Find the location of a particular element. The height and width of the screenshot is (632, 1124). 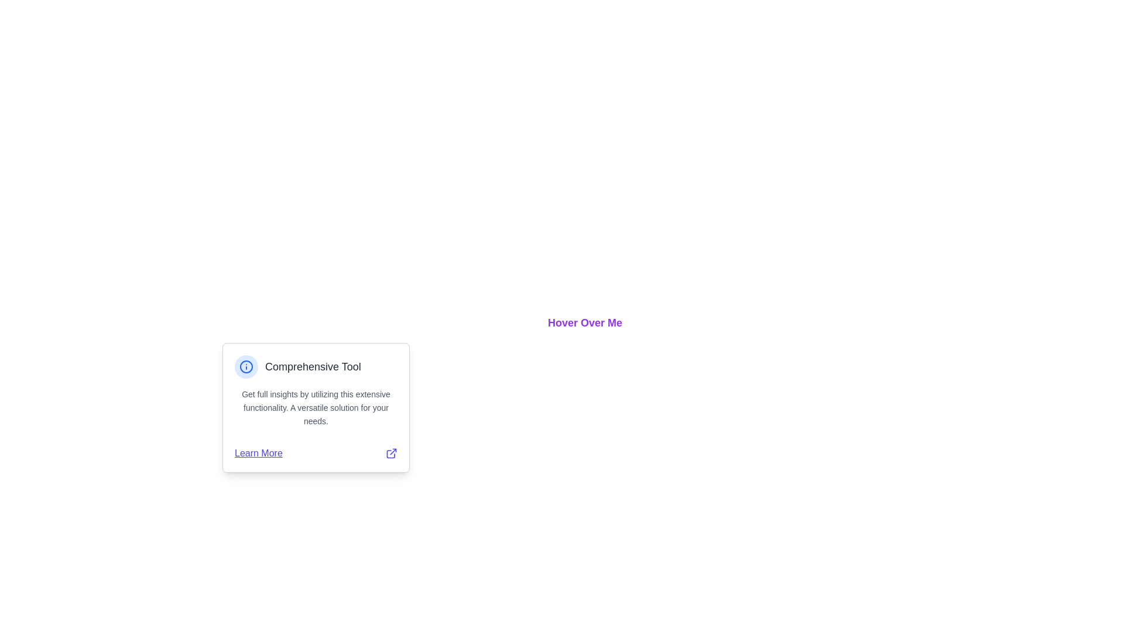

the circular icon with a blue outline featuring an information symbol, located above the title text in the 'Comprehensive Tool' card is located at coordinates (246, 366).